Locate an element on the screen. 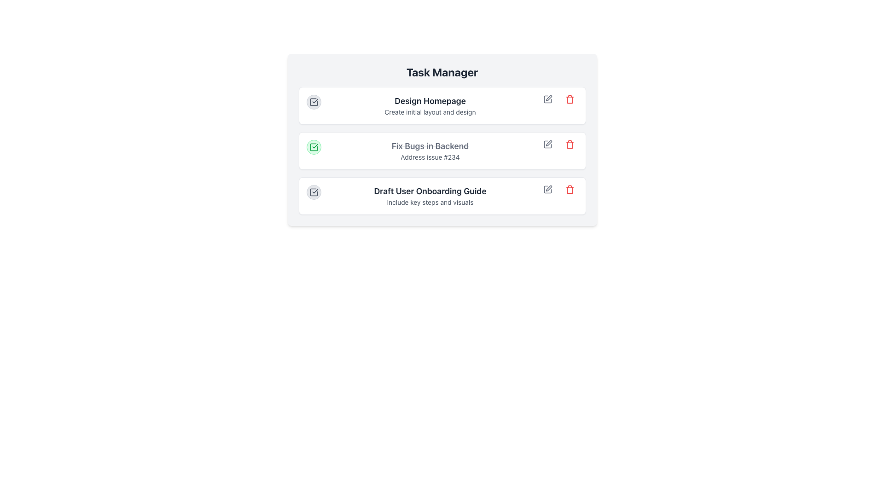 The image size is (884, 497). the text block that provides information about the task named 'Design Homepage' is located at coordinates (430, 105).